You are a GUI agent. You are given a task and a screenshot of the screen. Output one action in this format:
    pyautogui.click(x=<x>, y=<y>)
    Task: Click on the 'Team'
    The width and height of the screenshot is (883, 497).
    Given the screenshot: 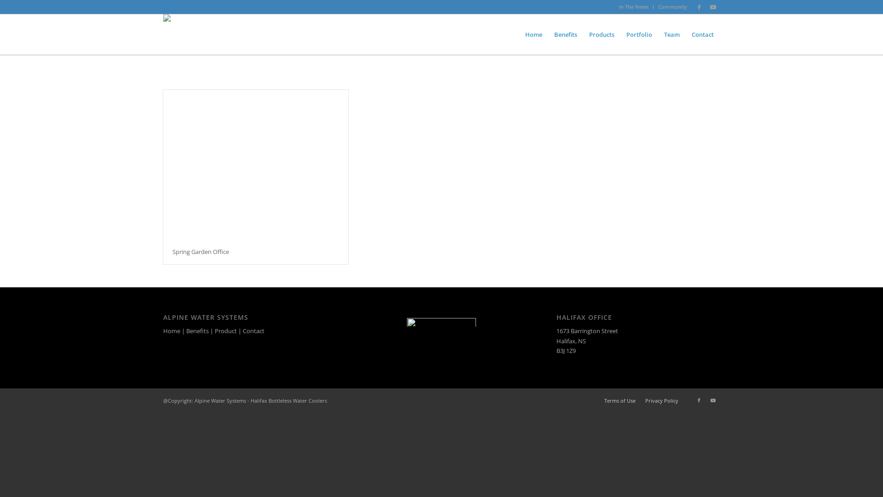 What is the action you would take?
    pyautogui.click(x=671, y=34)
    